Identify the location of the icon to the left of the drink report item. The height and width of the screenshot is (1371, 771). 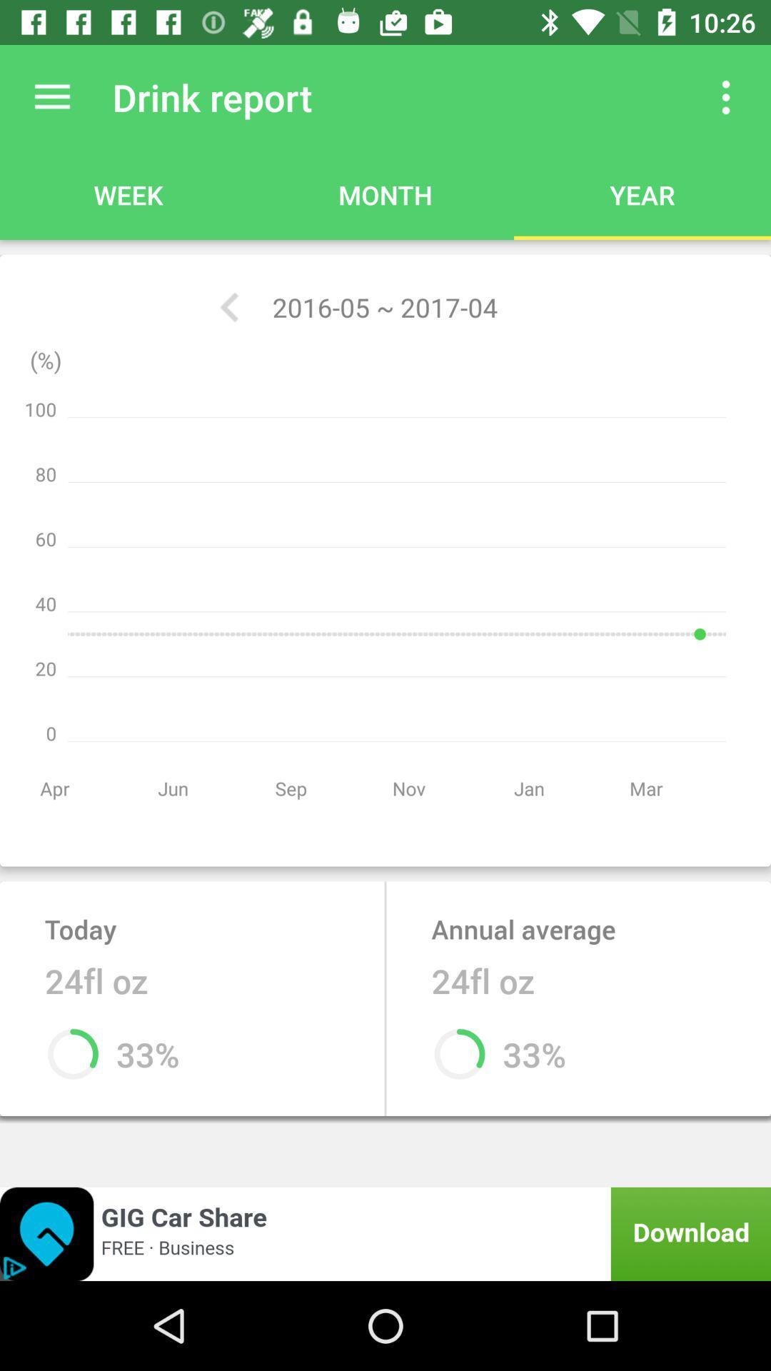
(51, 96).